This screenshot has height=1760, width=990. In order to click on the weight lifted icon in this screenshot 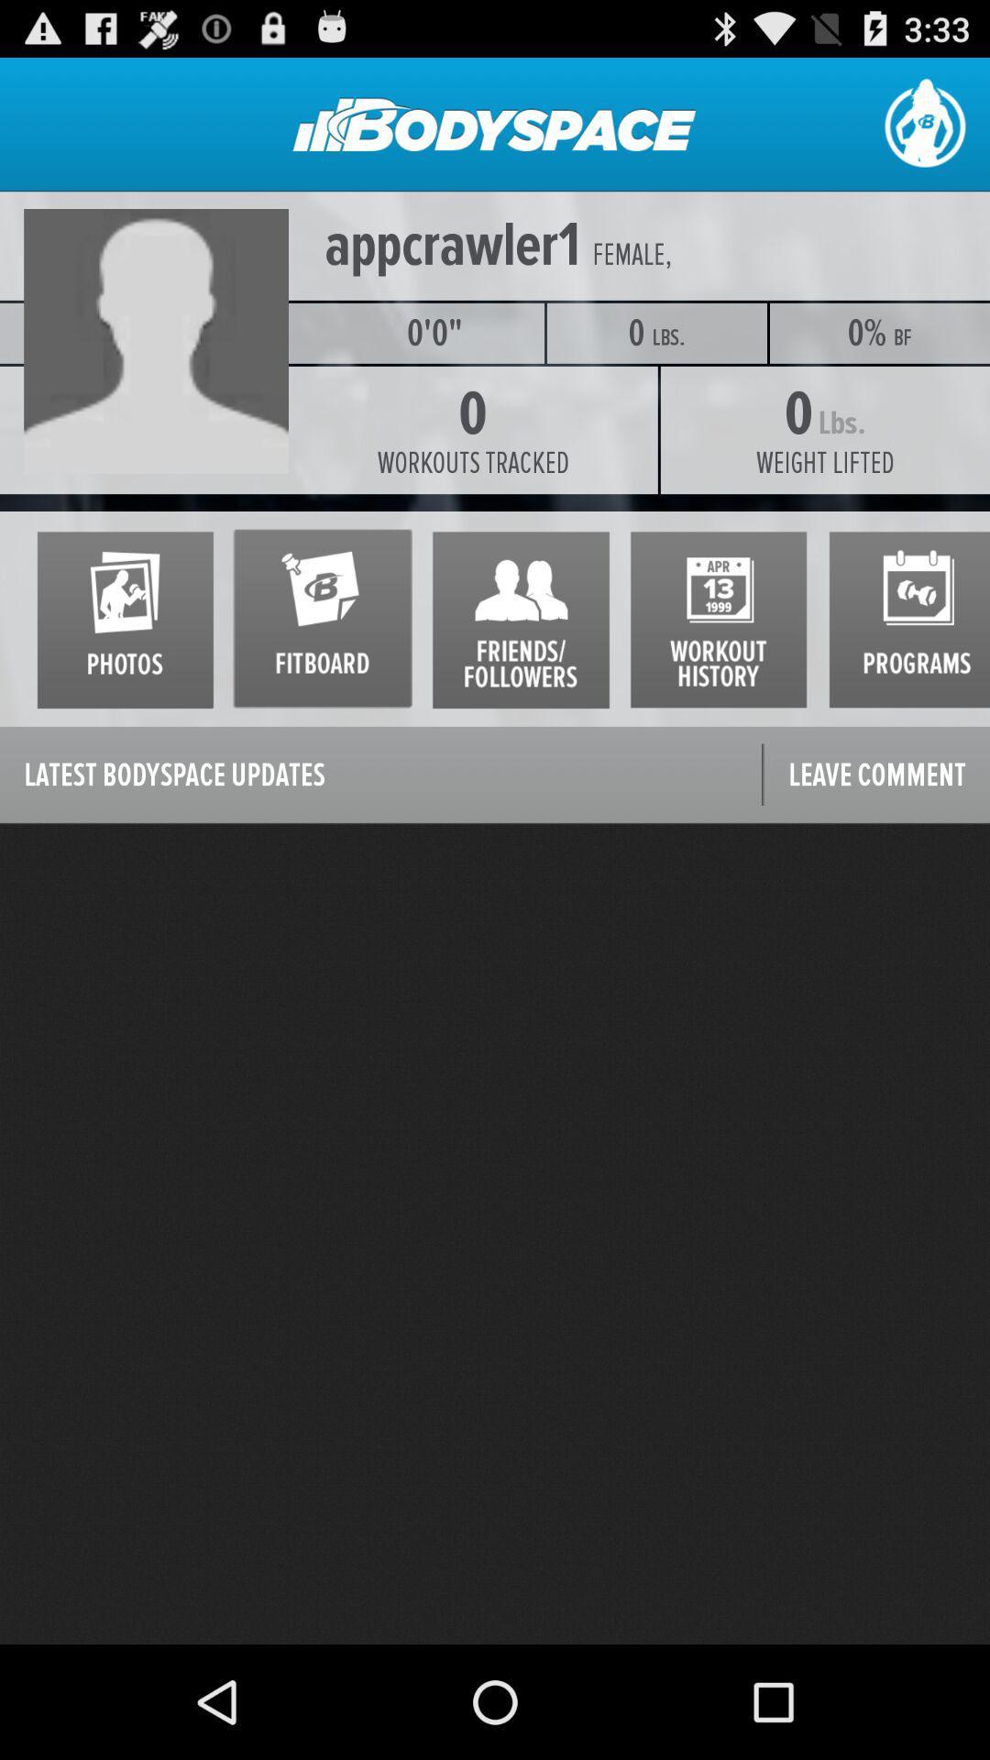, I will do `click(825, 463)`.